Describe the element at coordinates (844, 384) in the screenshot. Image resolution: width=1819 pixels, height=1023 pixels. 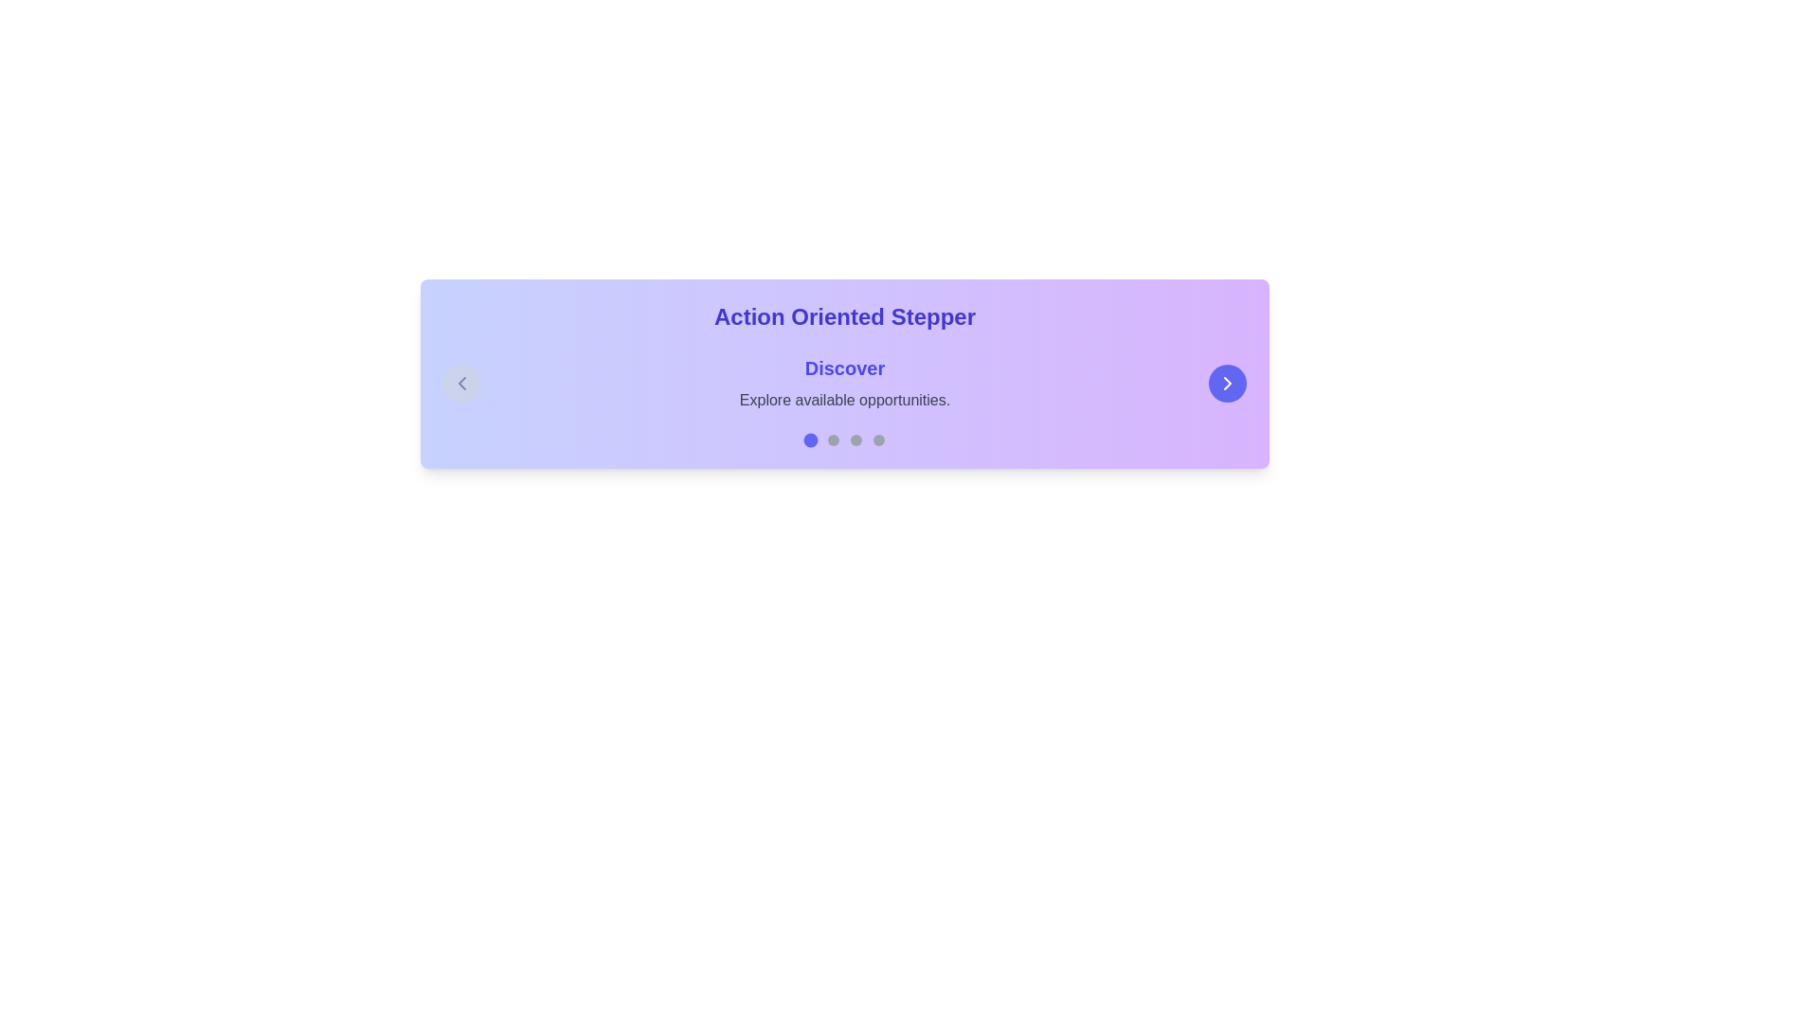
I see `text displayed in the central text block that serves as a title and description for the current step in the stepper navigation interface` at that location.